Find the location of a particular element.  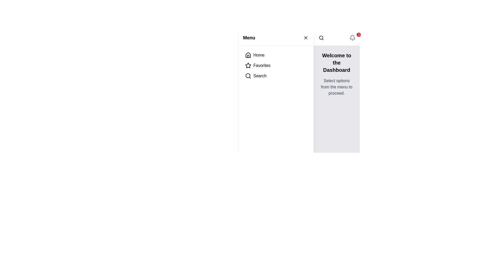

the search icon button, represented by a magnifying glass shape, located in the top navigation bar to trigger visual effects is located at coordinates (321, 38).